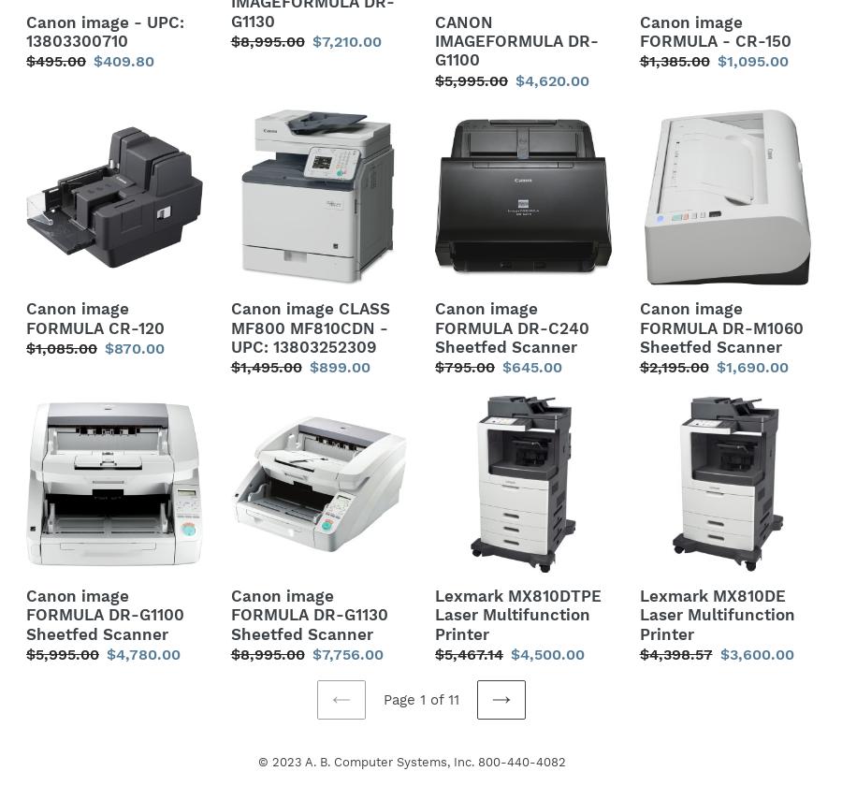 This screenshot has width=842, height=786. What do you see at coordinates (514, 80) in the screenshot?
I see `'$4,620.00'` at bounding box center [514, 80].